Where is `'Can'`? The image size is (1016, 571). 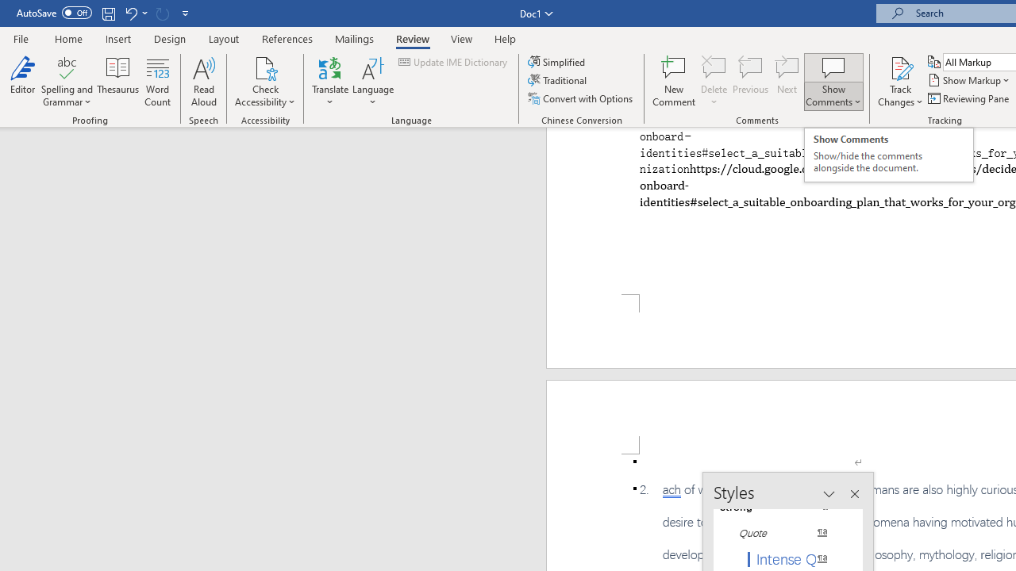 'Can' is located at coordinates (162, 13).